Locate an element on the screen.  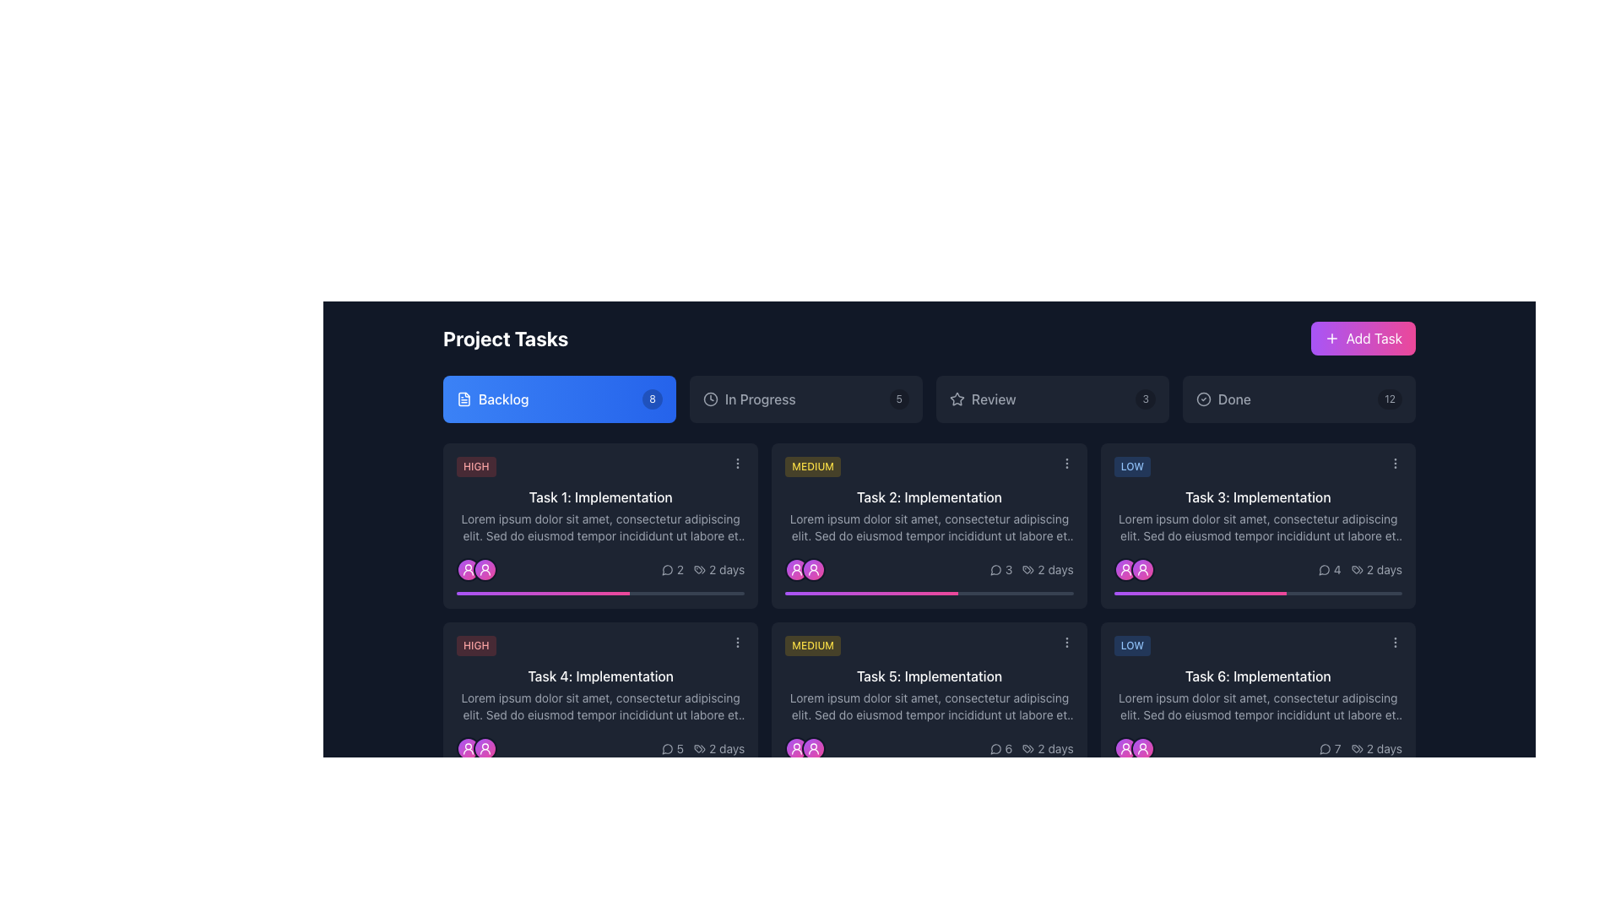
the user profile icon located in the bottom-left corner of the 'Task 1: Implementation' card, which serves as a visual indicator of a user's association with the task is located at coordinates (469, 570).